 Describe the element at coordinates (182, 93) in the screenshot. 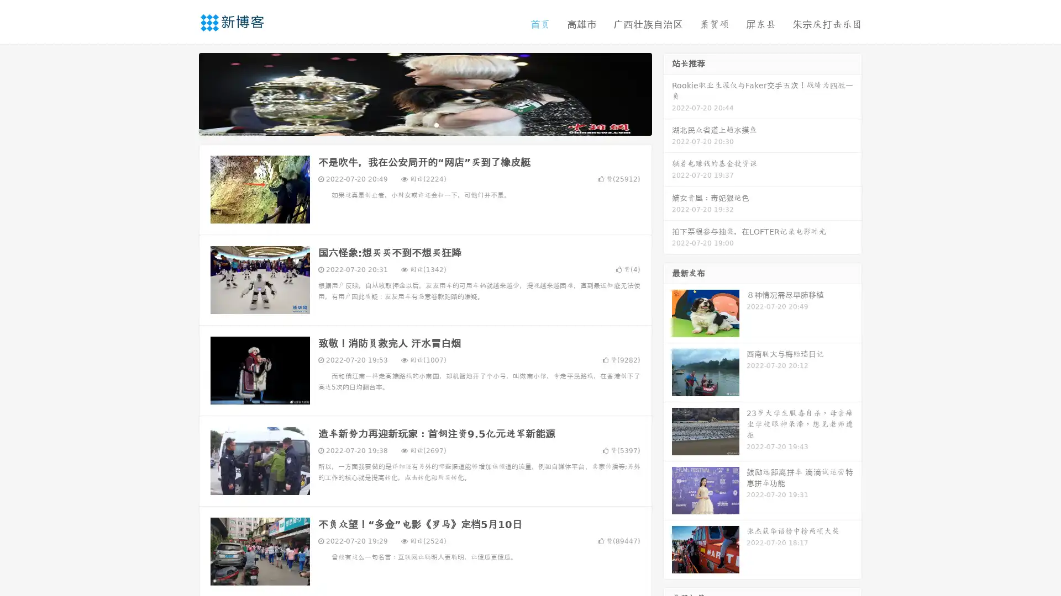

I see `Previous slide` at that location.